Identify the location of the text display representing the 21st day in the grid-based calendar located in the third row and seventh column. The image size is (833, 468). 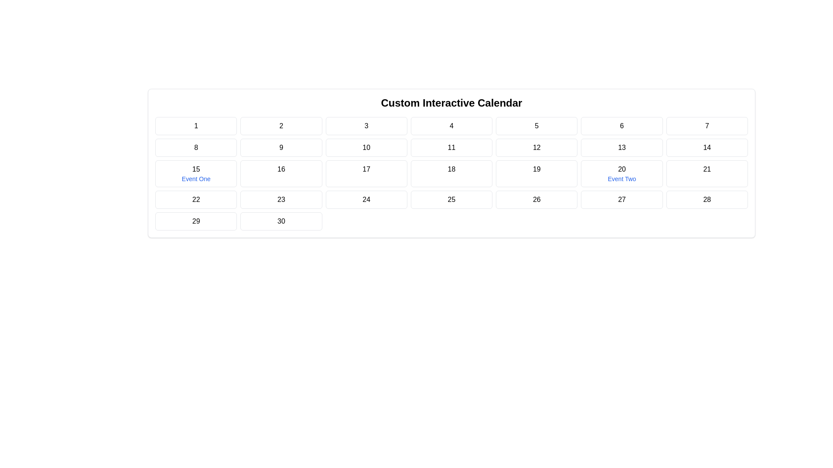
(707, 174).